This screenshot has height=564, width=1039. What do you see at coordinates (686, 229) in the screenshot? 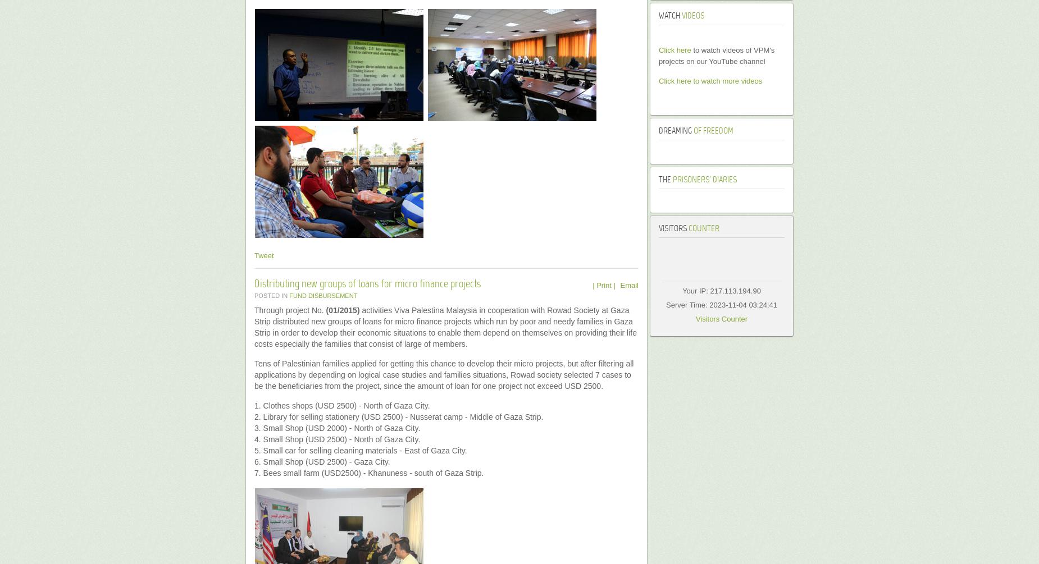
I see `'Counter'` at bounding box center [686, 229].